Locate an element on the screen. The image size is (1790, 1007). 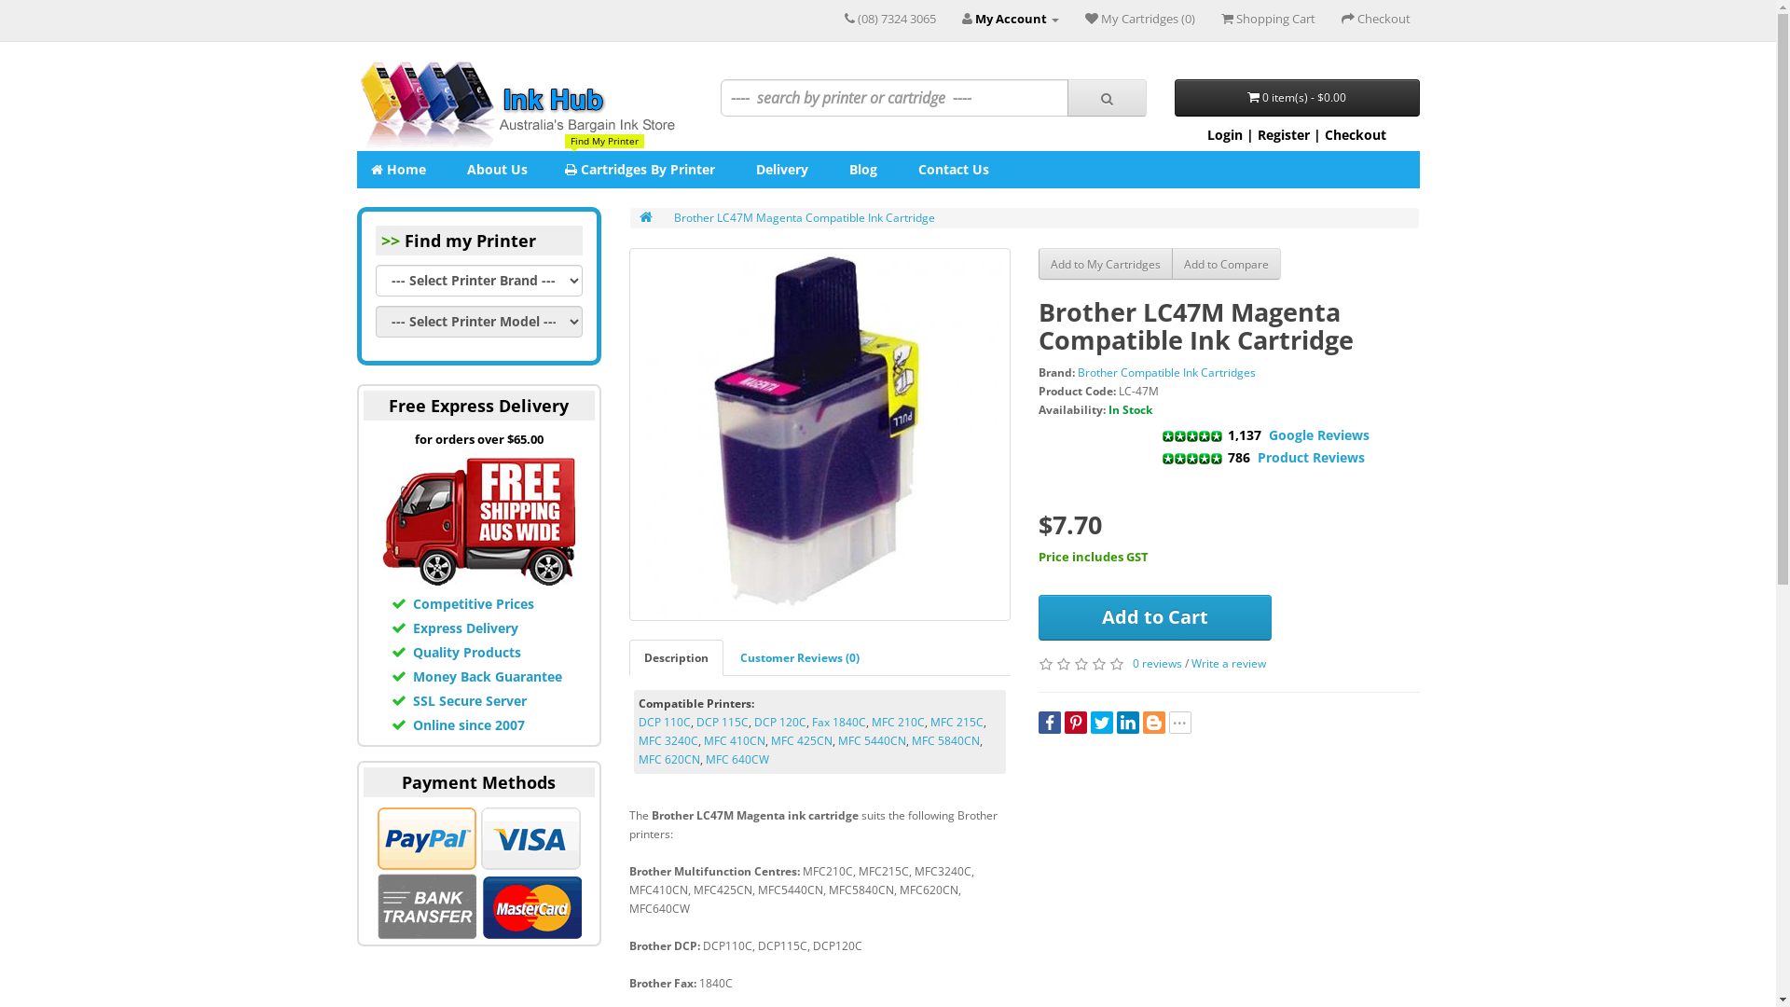
'MFC 210C' is located at coordinates (871, 721).